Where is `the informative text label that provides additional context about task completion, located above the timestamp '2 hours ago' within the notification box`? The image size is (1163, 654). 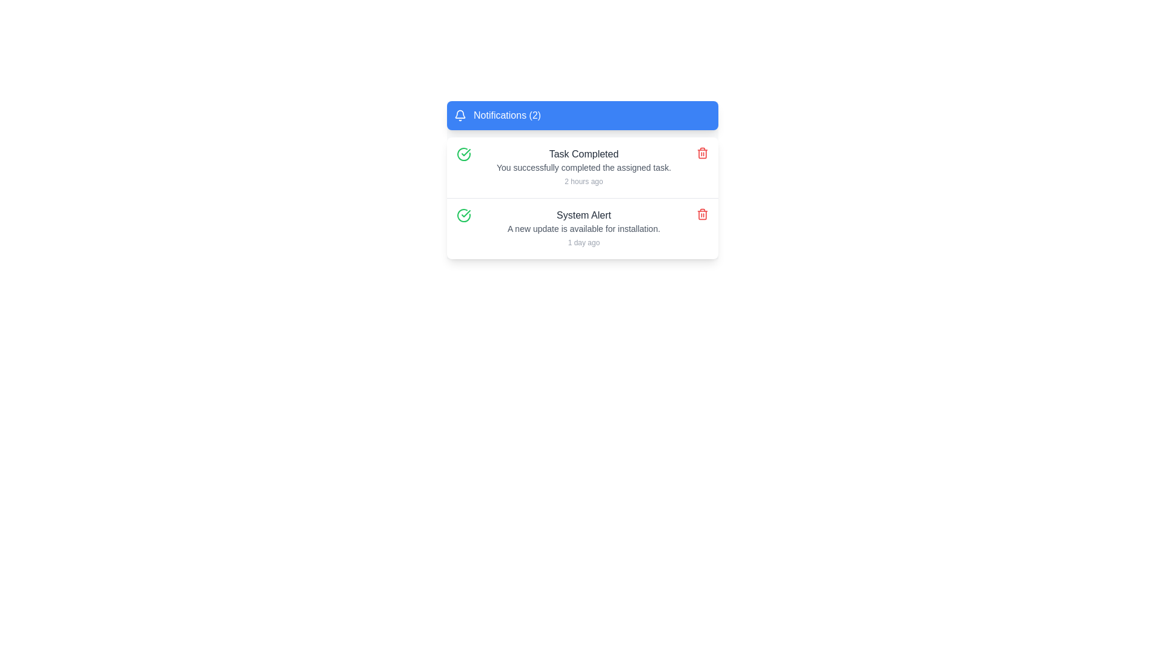 the informative text label that provides additional context about task completion, located above the timestamp '2 hours ago' within the notification box is located at coordinates (584, 168).